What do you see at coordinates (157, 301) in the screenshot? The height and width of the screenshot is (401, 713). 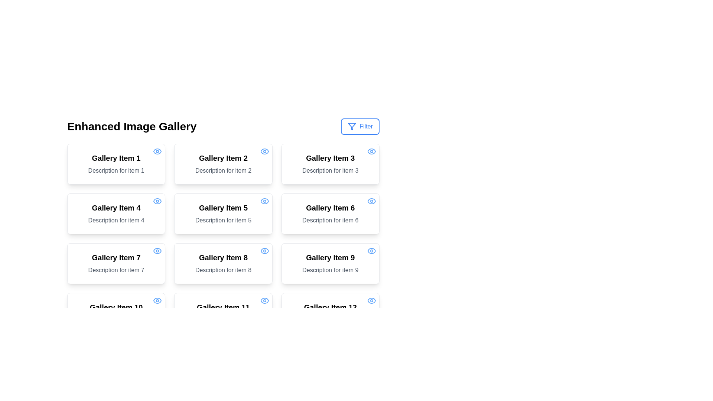 I see `the eye icon in the top-right corner of the card labeled 'Gallery Item 10'` at bounding box center [157, 301].